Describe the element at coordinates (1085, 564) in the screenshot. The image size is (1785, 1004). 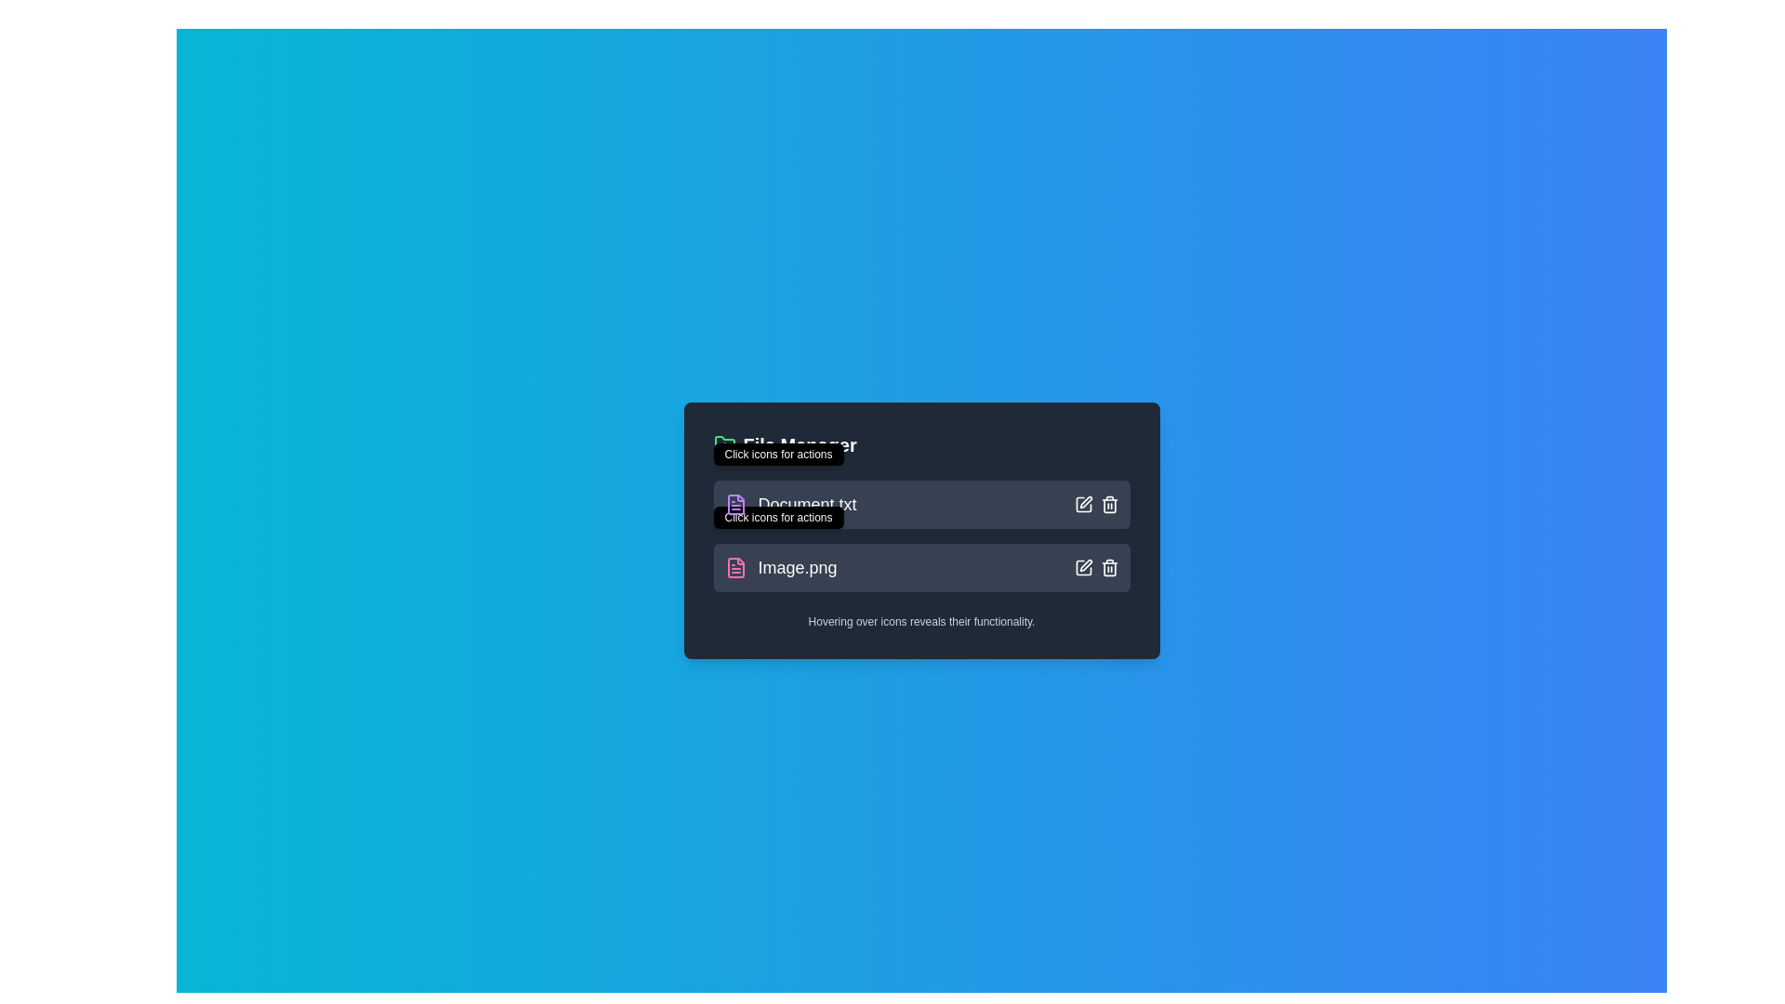
I see `on the edit icon, which is a vector graphic resembling a pen or pencil crossing a square, located centrally within a button in the second row of the file manager, adjacent` at that location.